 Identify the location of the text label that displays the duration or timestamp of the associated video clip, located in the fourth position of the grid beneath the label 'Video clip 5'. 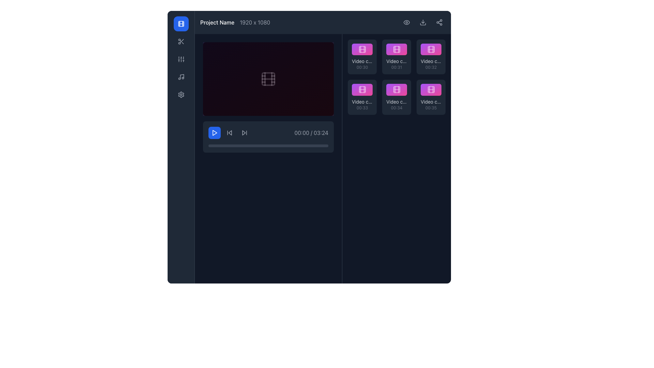
(396, 107).